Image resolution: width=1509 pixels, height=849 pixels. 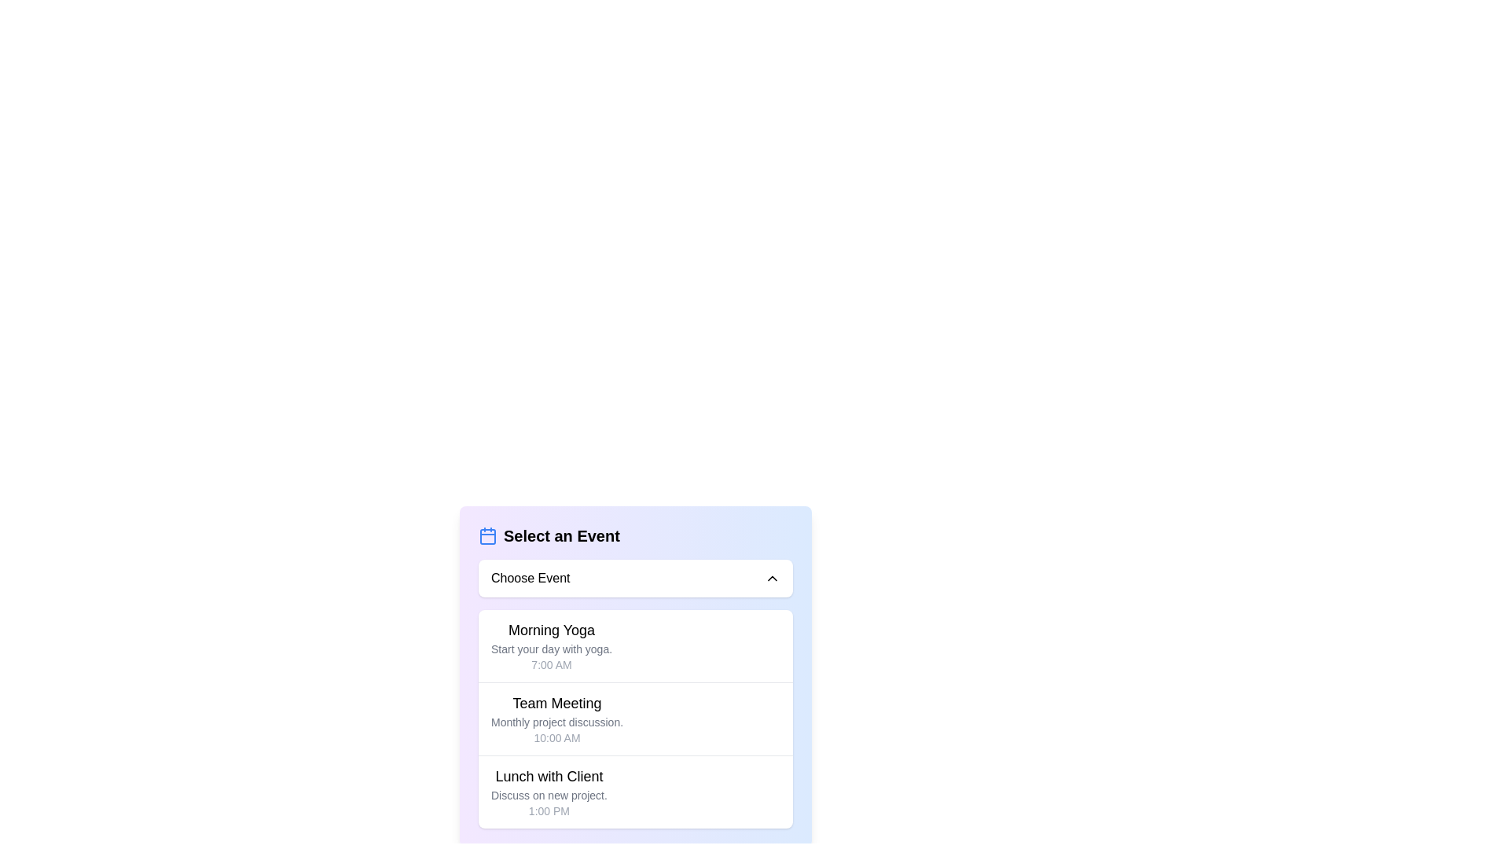 What do you see at coordinates (636, 791) in the screenshot?
I see `the third event entry in the 'Select an Event' dropdown menu, which is styled as a card with the headline 'Lunch with Client', subtext 'Discuss on new project.', and timestamp '1:00 PM'` at bounding box center [636, 791].